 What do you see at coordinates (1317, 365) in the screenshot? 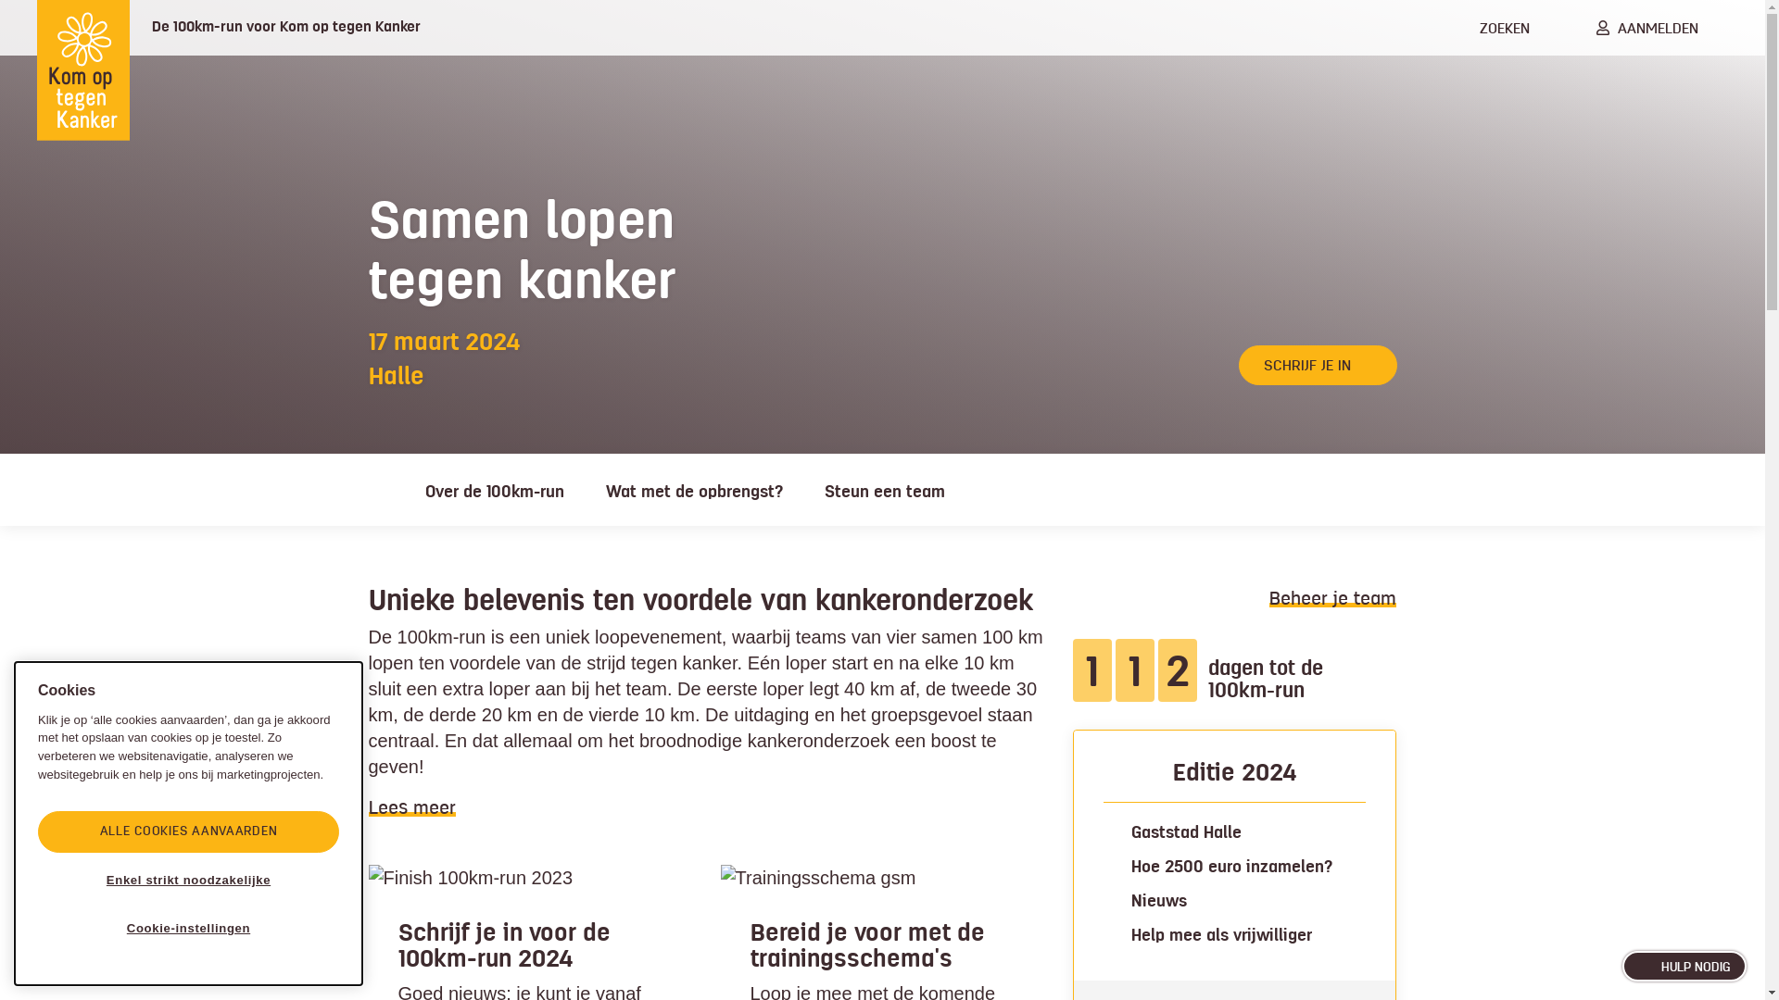
I see `'SCHRIJF JE IN'` at bounding box center [1317, 365].